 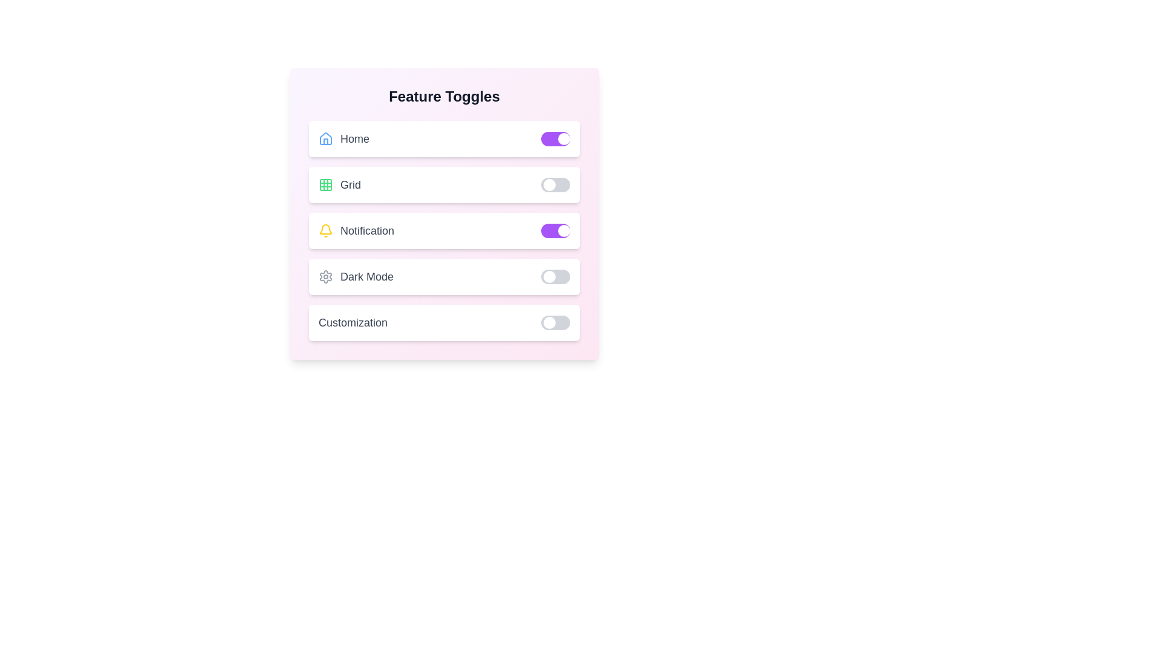 I want to click on the graphical icon component located next to the word 'Grid' on the third line item of the list, which is part of a 3x3 grid structure, so click(x=325, y=184).